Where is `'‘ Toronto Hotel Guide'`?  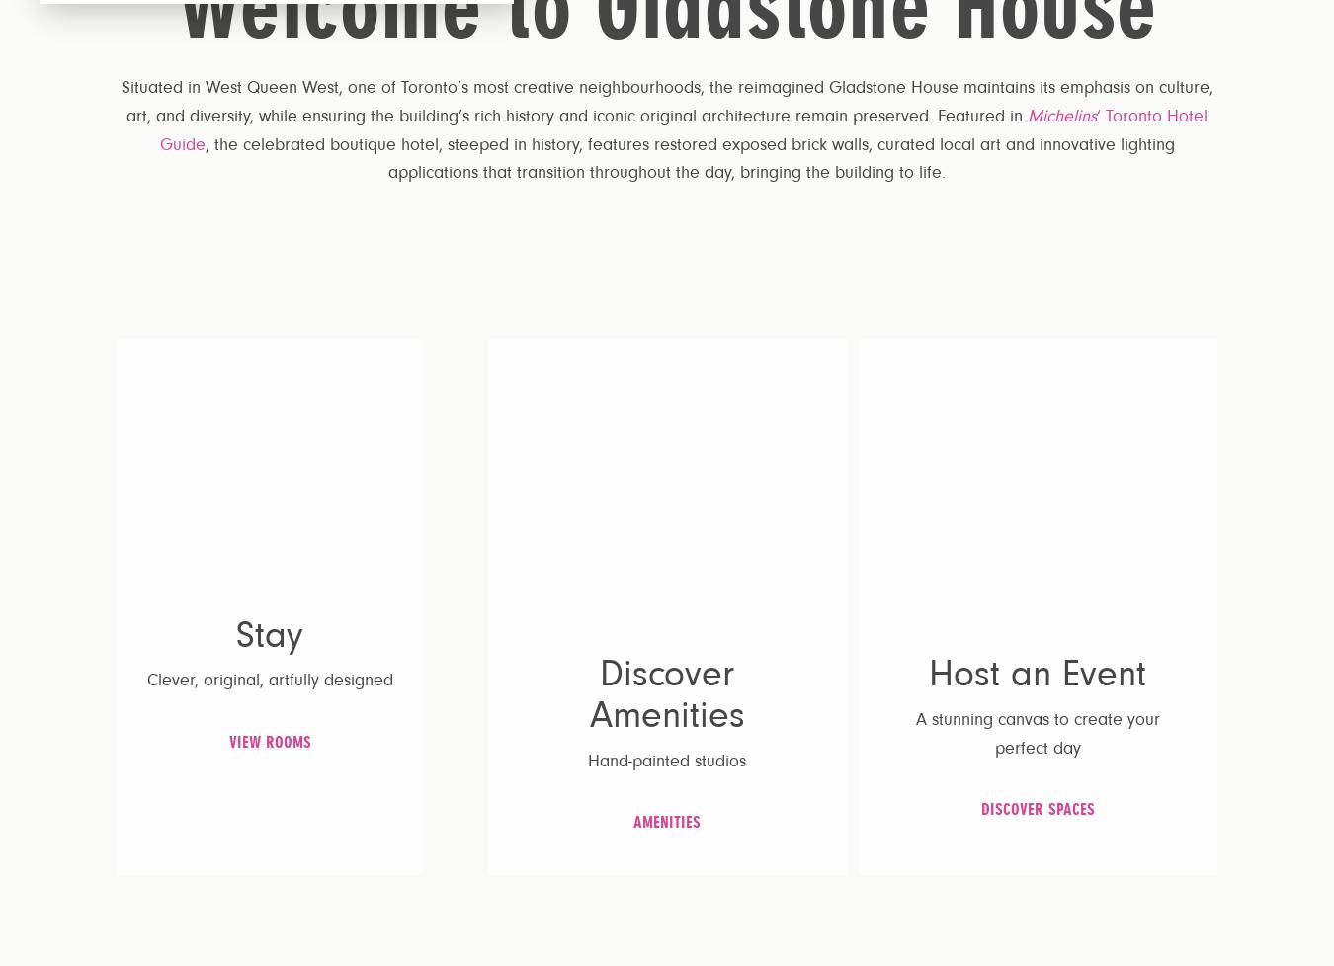
'‘ Toronto Hotel Guide' is located at coordinates (159, 129).